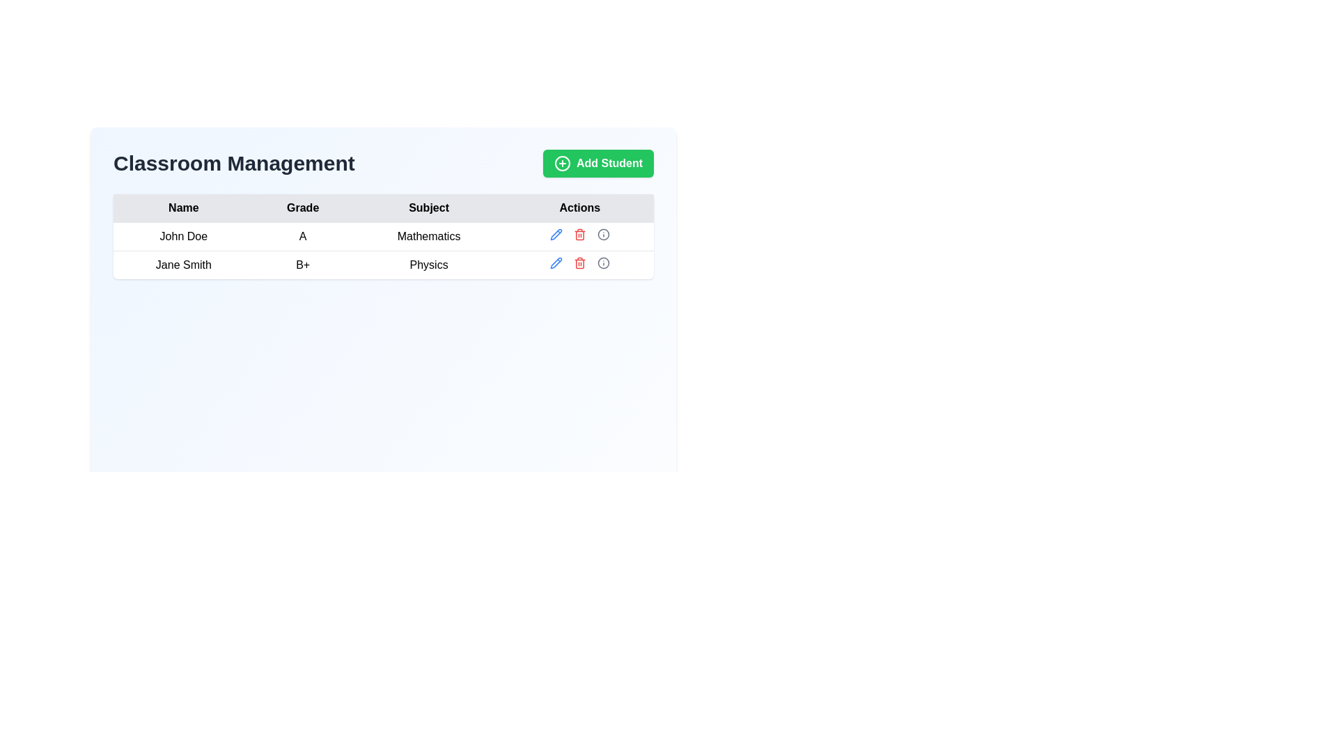  Describe the element at coordinates (182, 265) in the screenshot. I see `the static text element that displays the user's name 'Jane Smith', located in the first column of the second row under the 'Name' label` at that location.